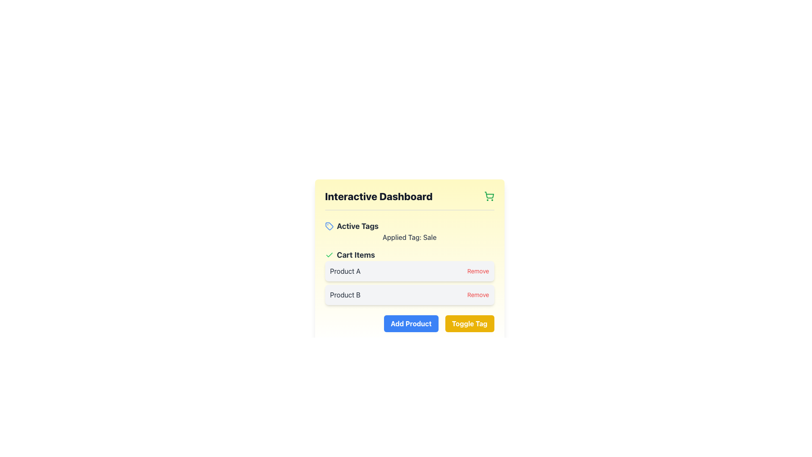 The height and width of the screenshot is (457, 812). What do you see at coordinates (329, 226) in the screenshot?
I see `the blue-colored tag icon located to the left of the 'Active Tags' title within the section header` at bounding box center [329, 226].